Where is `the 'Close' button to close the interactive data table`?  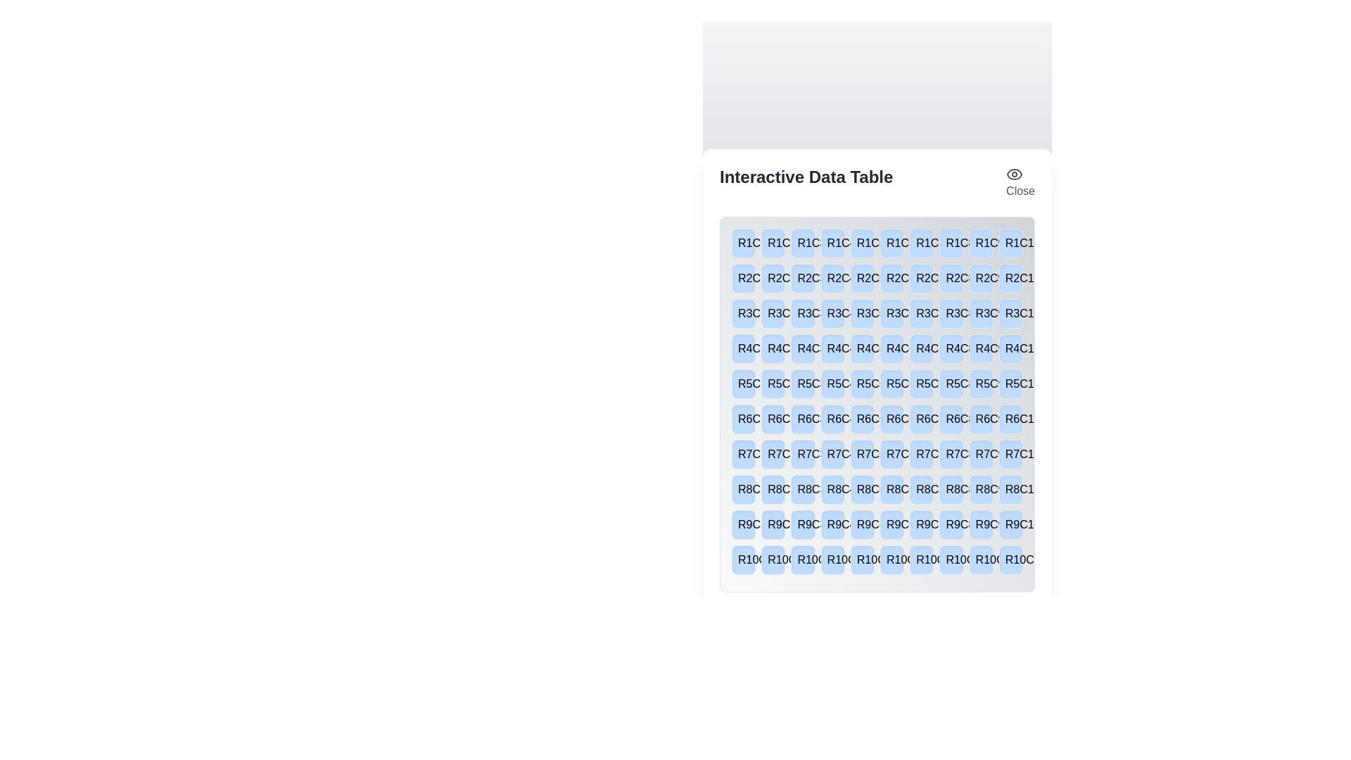
the 'Close' button to close the interactive data table is located at coordinates (1020, 182).